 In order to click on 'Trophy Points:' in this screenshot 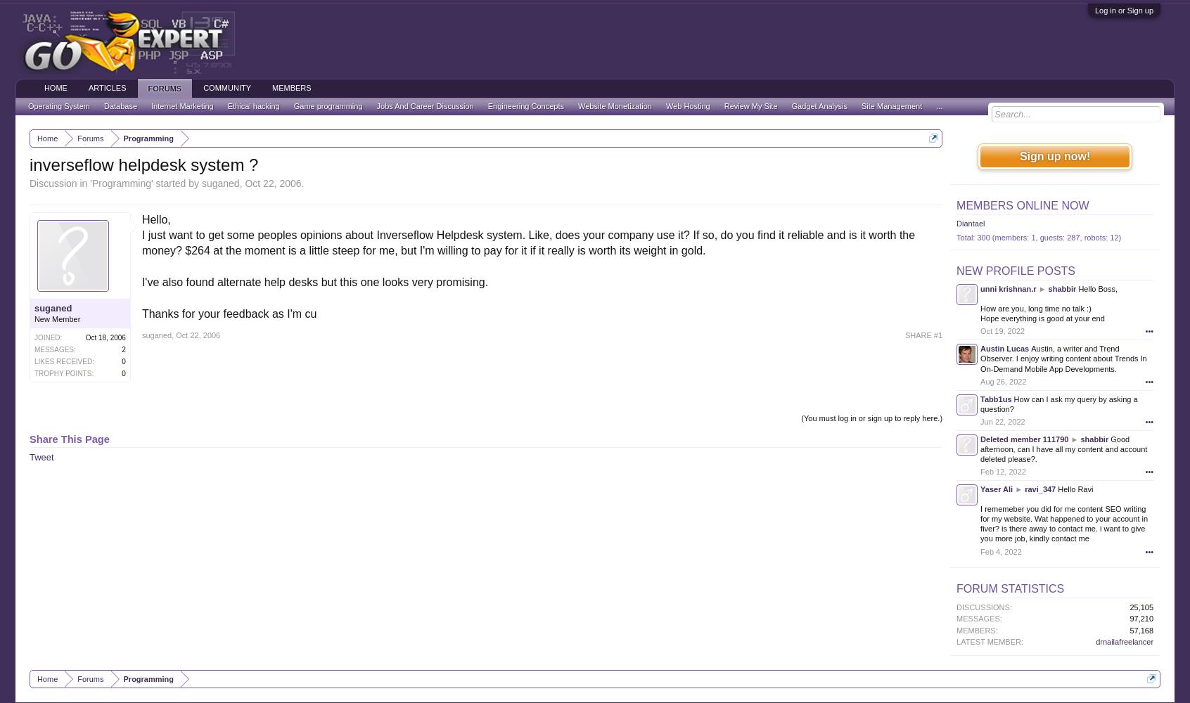, I will do `click(63, 373)`.